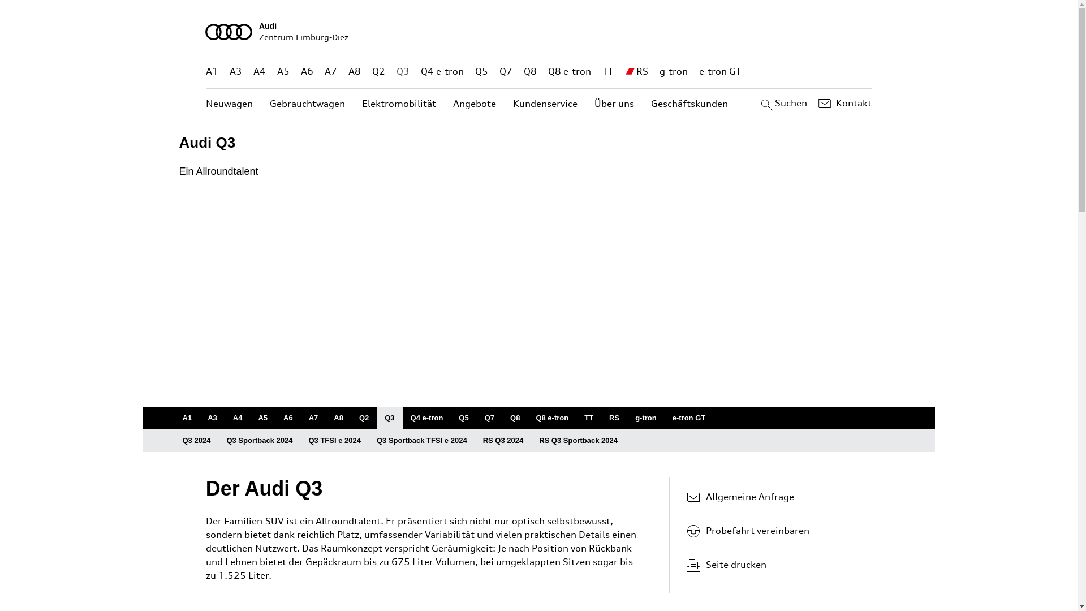 The width and height of the screenshot is (1086, 611). What do you see at coordinates (255, 71) in the screenshot?
I see `'A4'` at bounding box center [255, 71].